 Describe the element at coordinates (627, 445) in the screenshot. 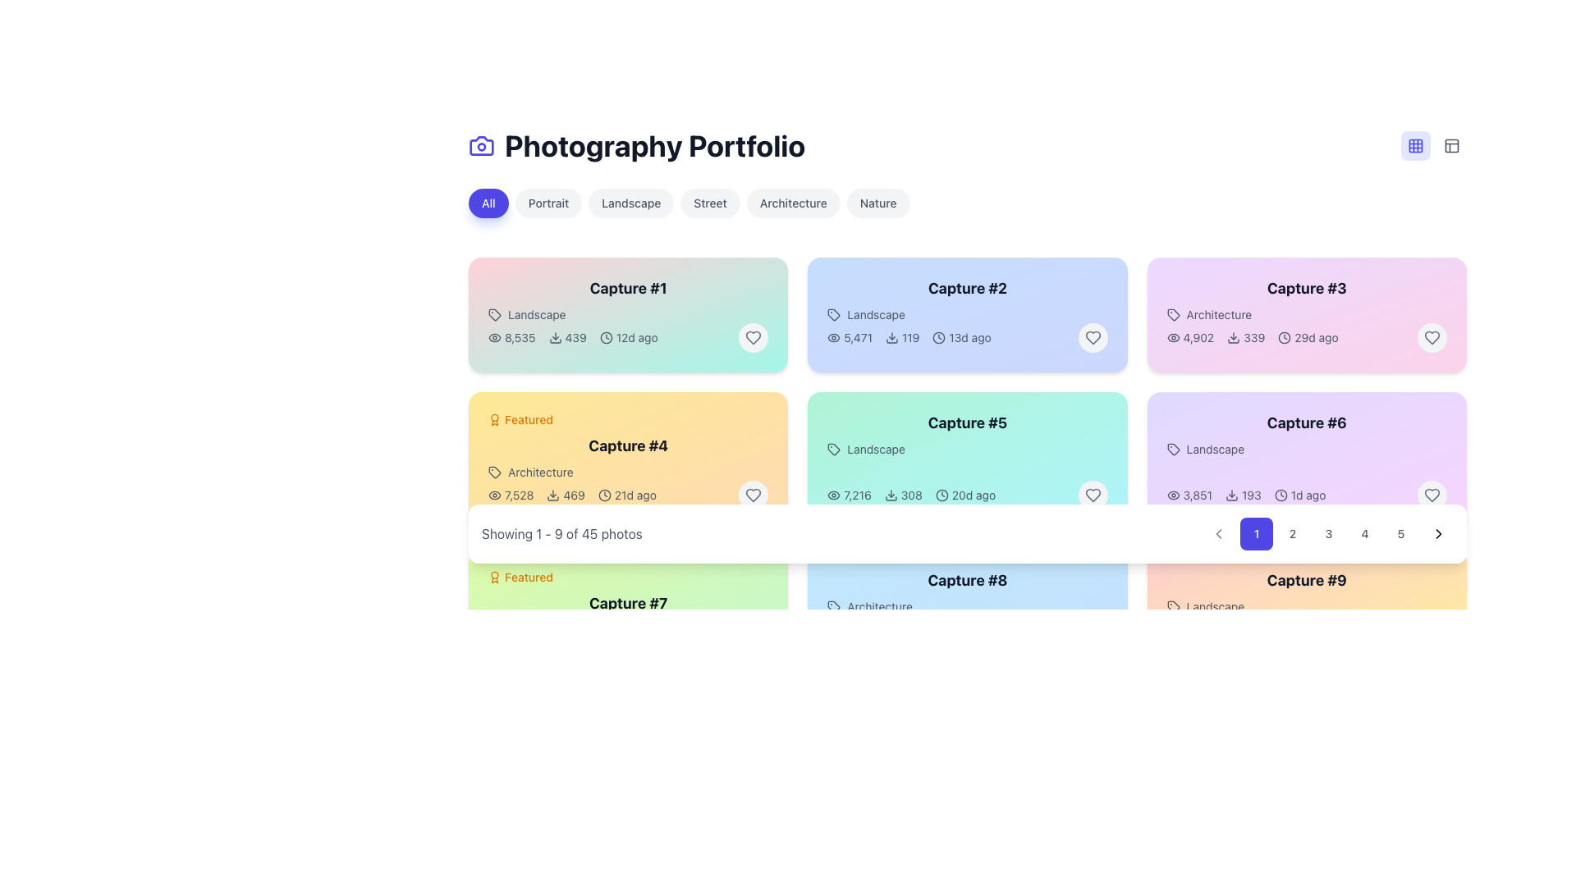

I see `the 'Capture #4' portfolio item card, which features descriptive information and an icon, located in the second row, first column of the grid layout` at that location.